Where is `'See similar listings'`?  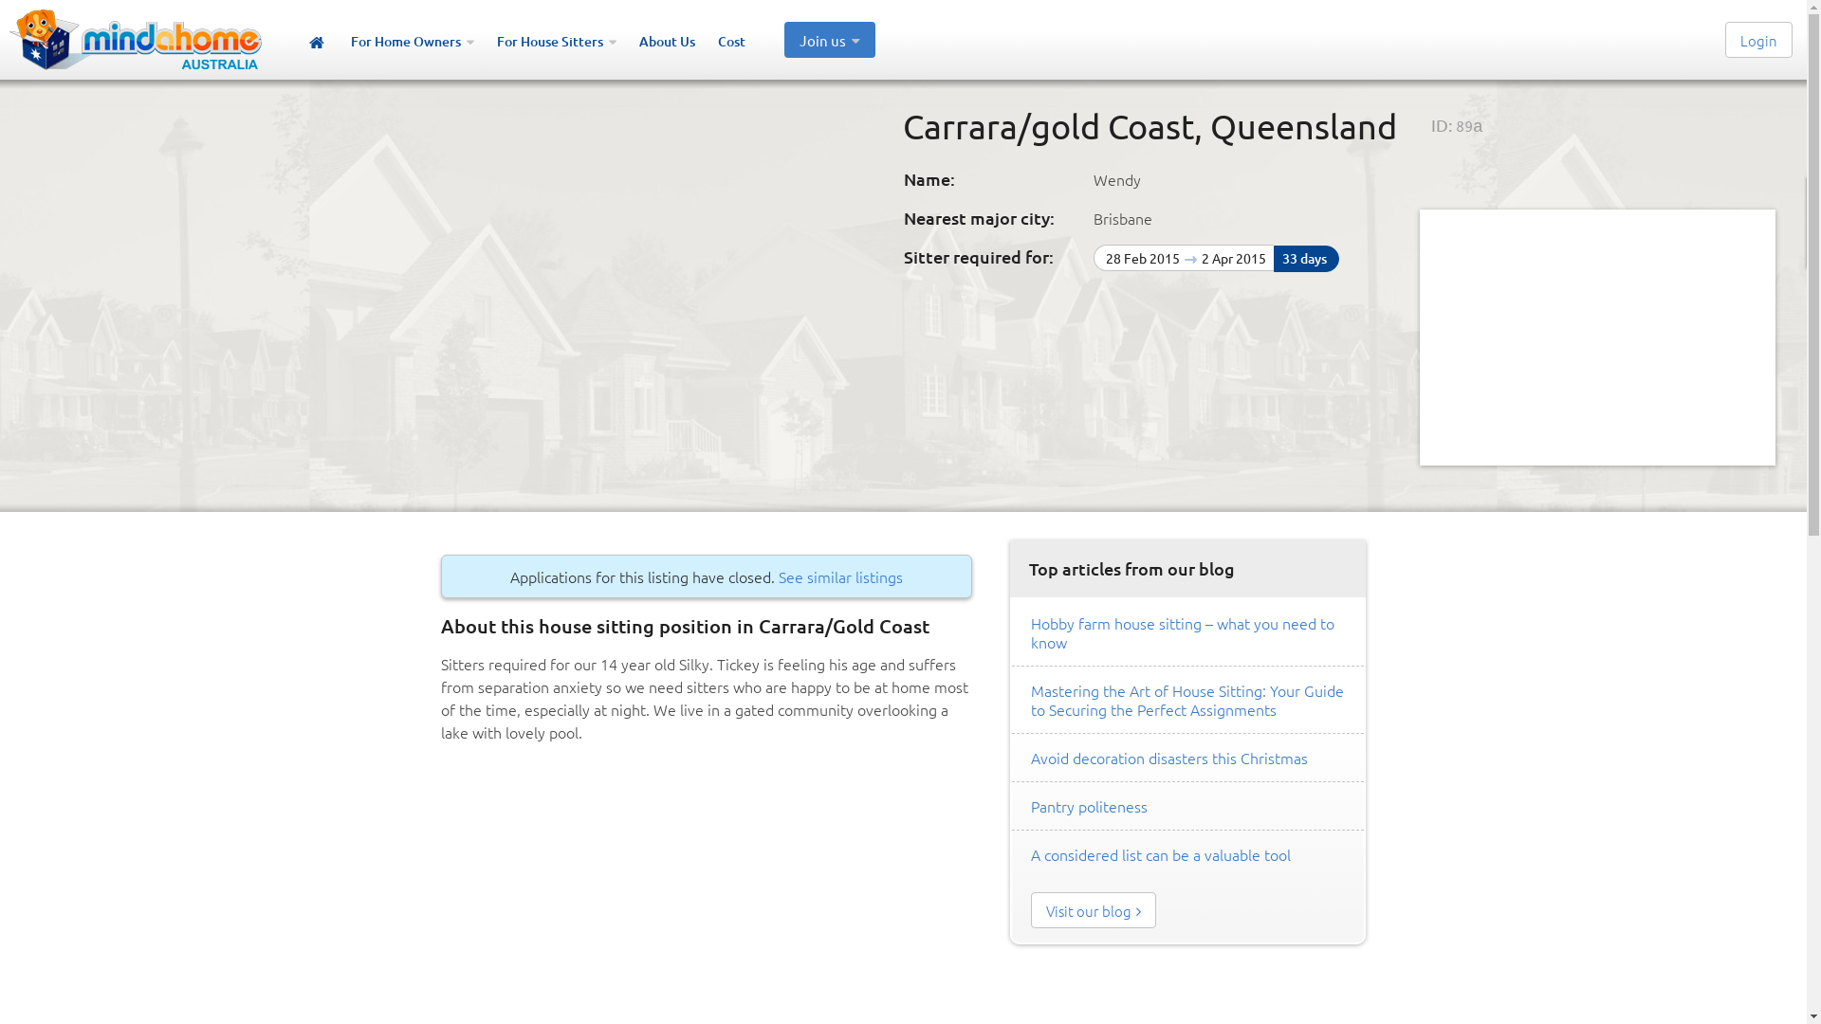 'See similar listings' is located at coordinates (839, 576).